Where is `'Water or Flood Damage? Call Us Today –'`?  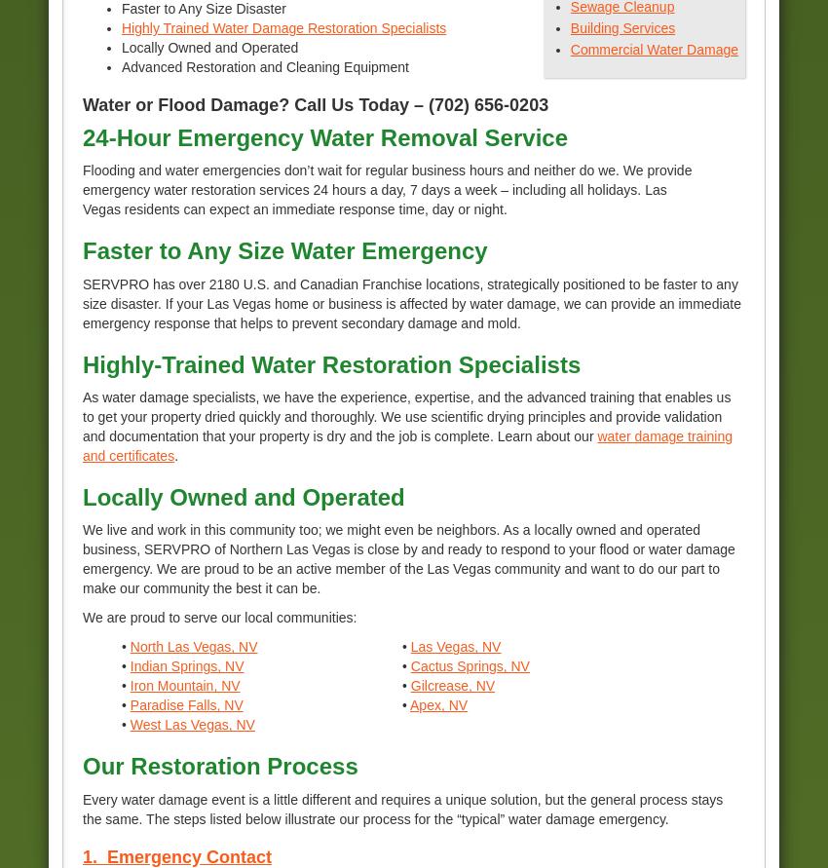 'Water or Flood Damage? Call Us Today –' is located at coordinates (254, 103).